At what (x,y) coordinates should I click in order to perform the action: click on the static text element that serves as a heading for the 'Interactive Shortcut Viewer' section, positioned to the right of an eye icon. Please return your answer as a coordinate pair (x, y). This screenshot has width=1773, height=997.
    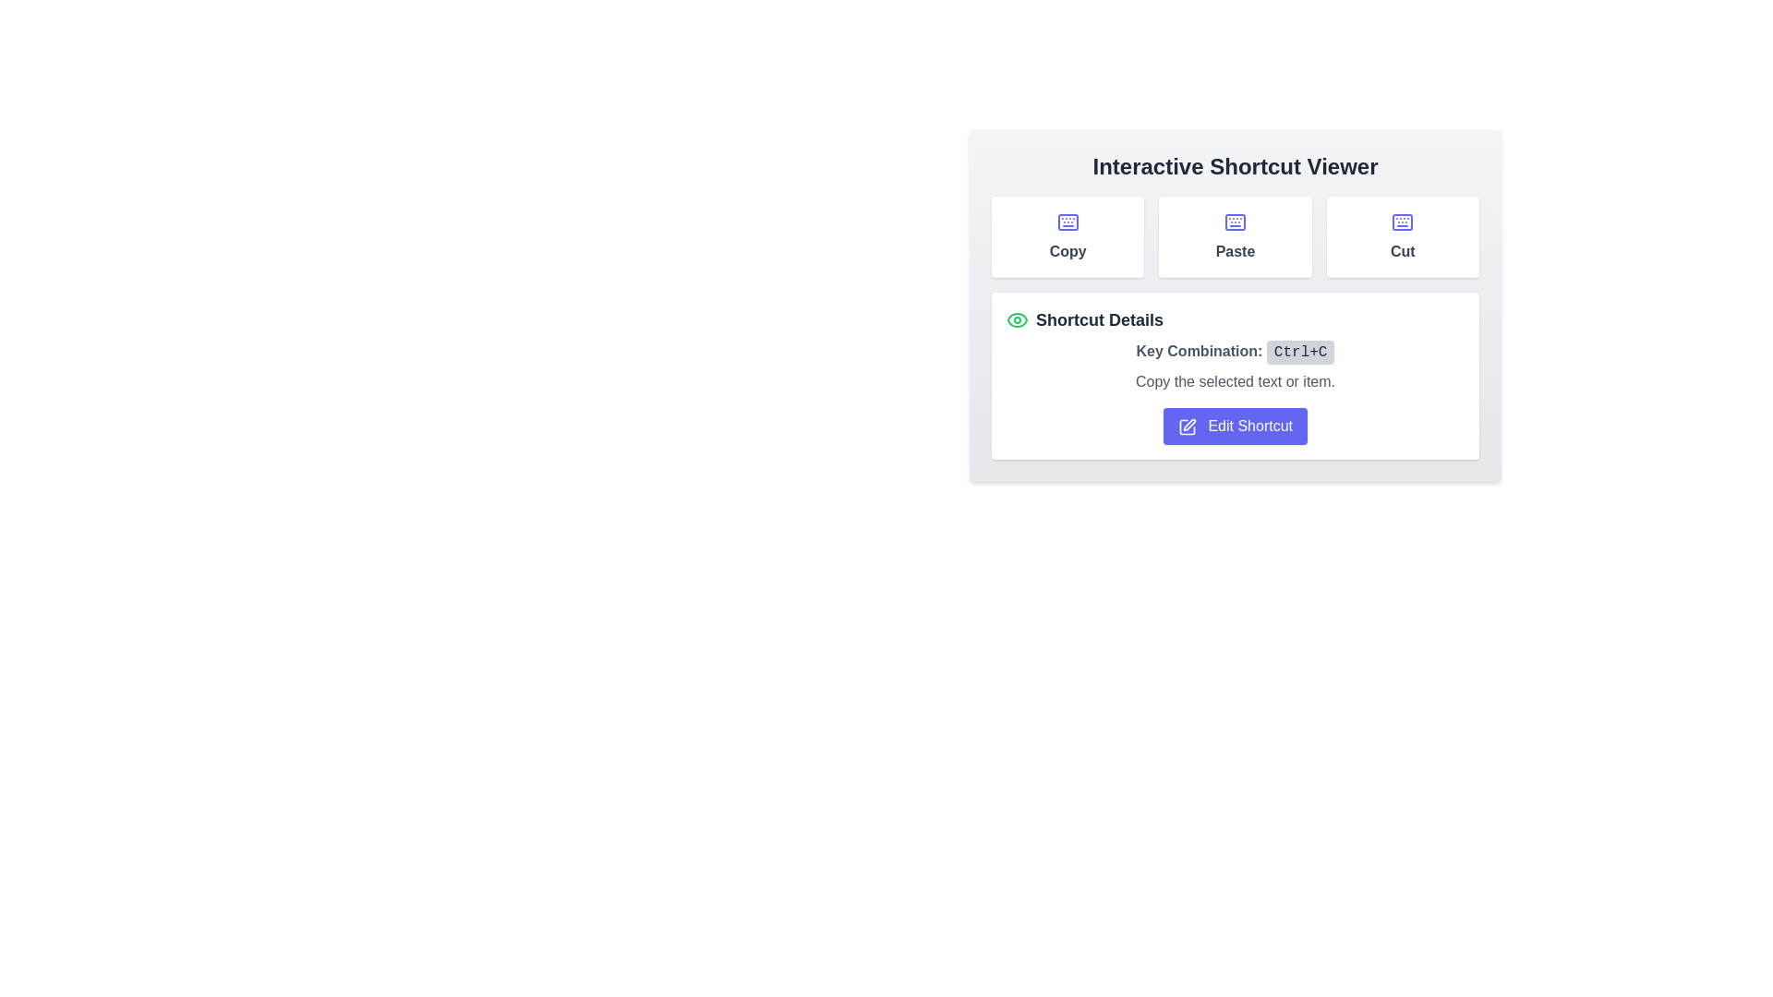
    Looking at the image, I should click on (1099, 319).